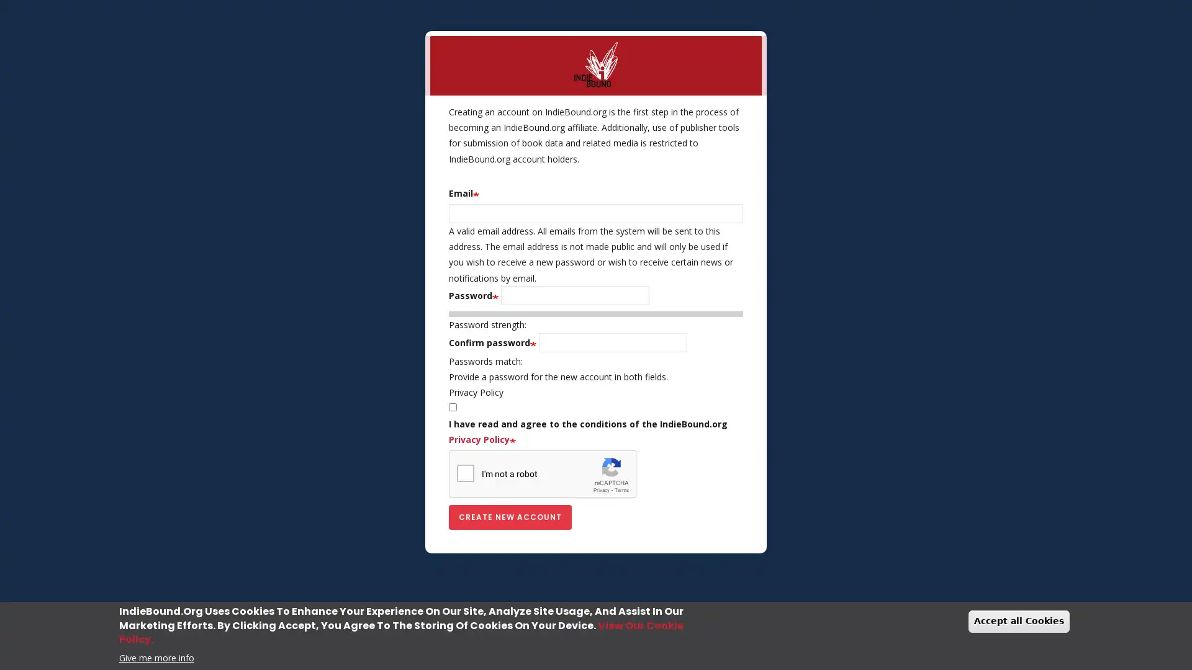 This screenshot has height=670, width=1192. I want to click on Accept all Cookies, so click(1019, 621).